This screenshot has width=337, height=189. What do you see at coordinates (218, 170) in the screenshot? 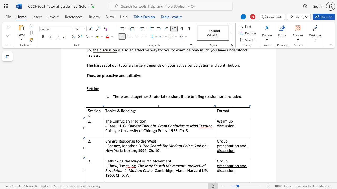
I see `the 2th character "d" in the text` at bounding box center [218, 170].